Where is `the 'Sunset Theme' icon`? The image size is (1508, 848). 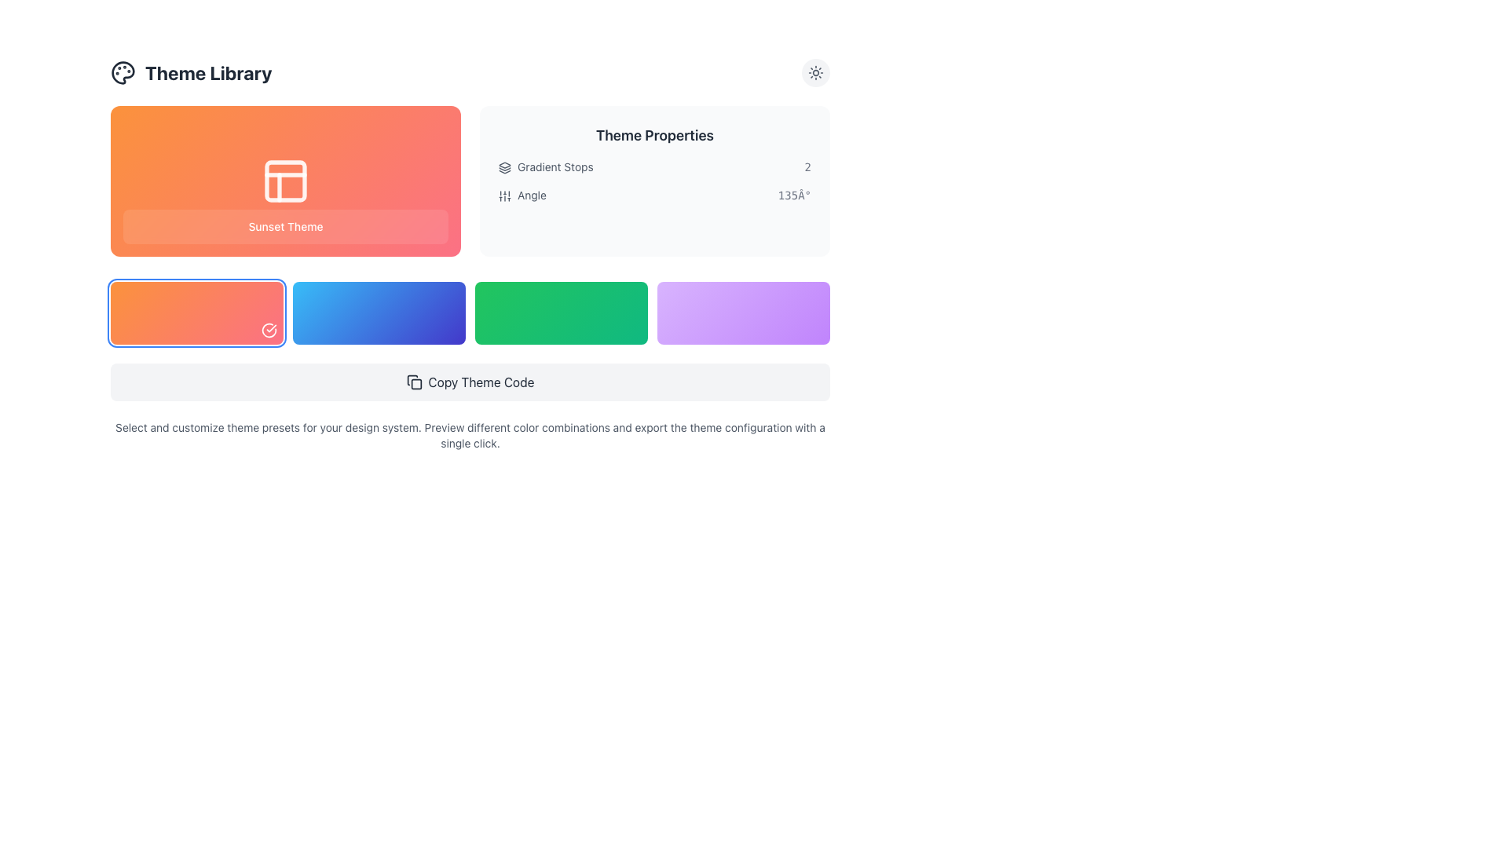
the 'Sunset Theme' icon is located at coordinates (286, 181).